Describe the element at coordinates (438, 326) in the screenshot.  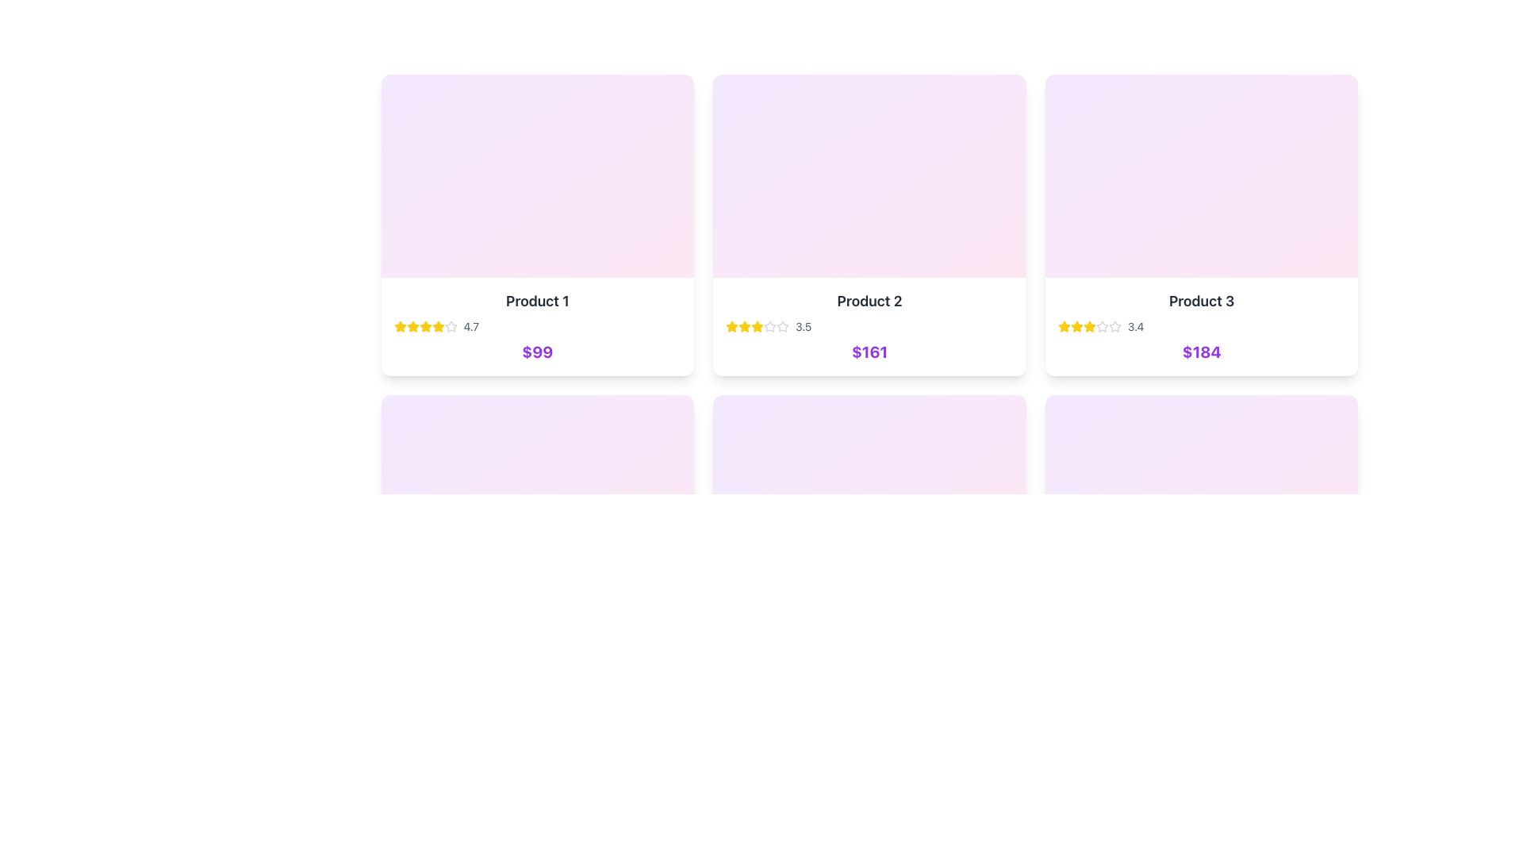
I see `the fifth star icon representing the user rating for 'Product 1' in the product card's rating section` at that location.